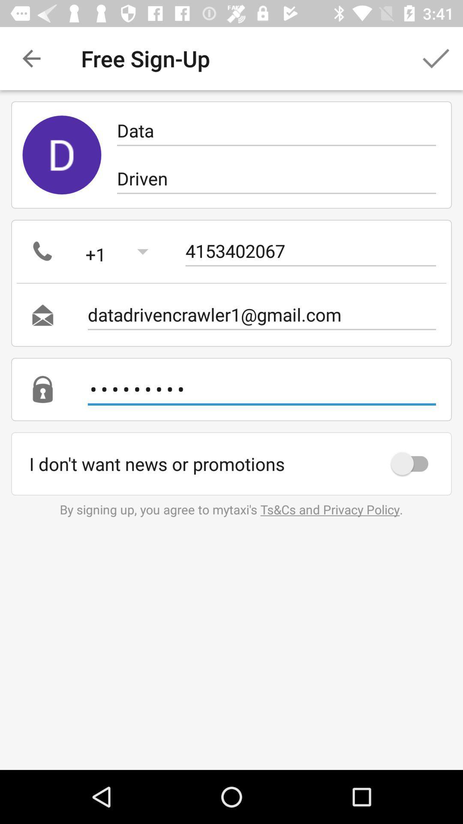  What do you see at coordinates (231, 509) in the screenshot?
I see `the by signing up item` at bounding box center [231, 509].